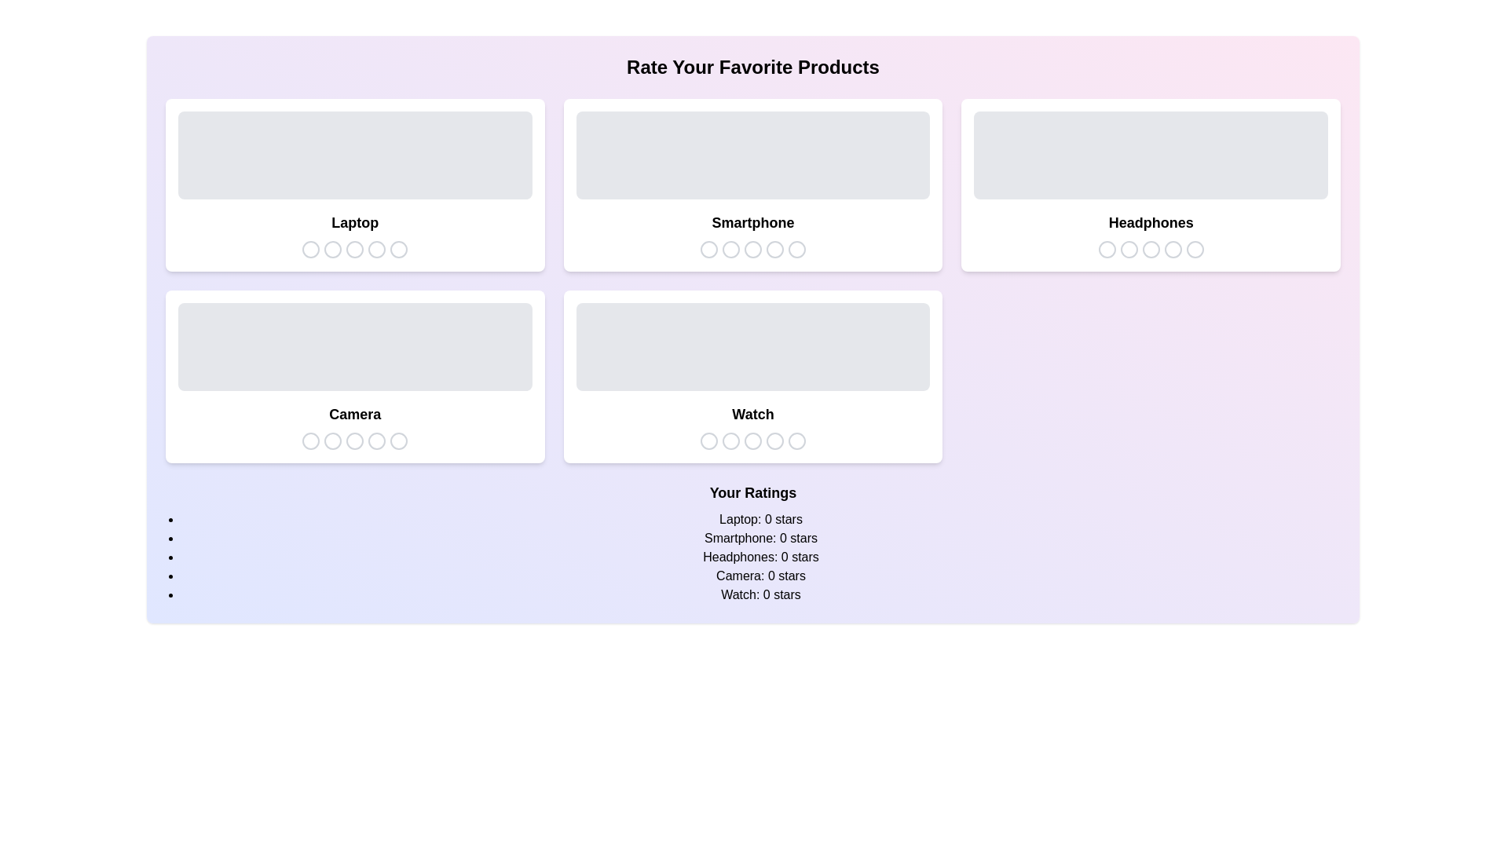 Image resolution: width=1508 pixels, height=848 pixels. Describe the element at coordinates (310, 441) in the screenshot. I see `the star icon corresponding to 1 stars for the product Camera` at that location.